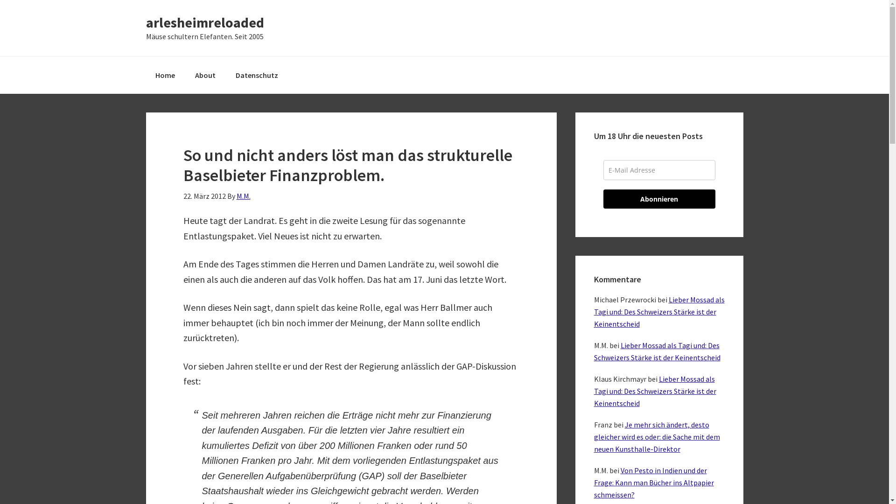  Describe the element at coordinates (243, 196) in the screenshot. I see `'M.M.'` at that location.